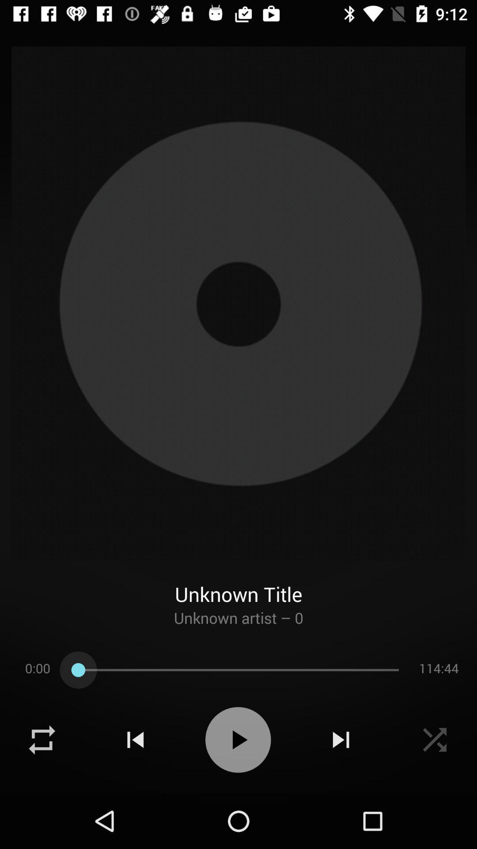 Image resolution: width=477 pixels, height=849 pixels. I want to click on the item above unknown title icon, so click(238, 303).